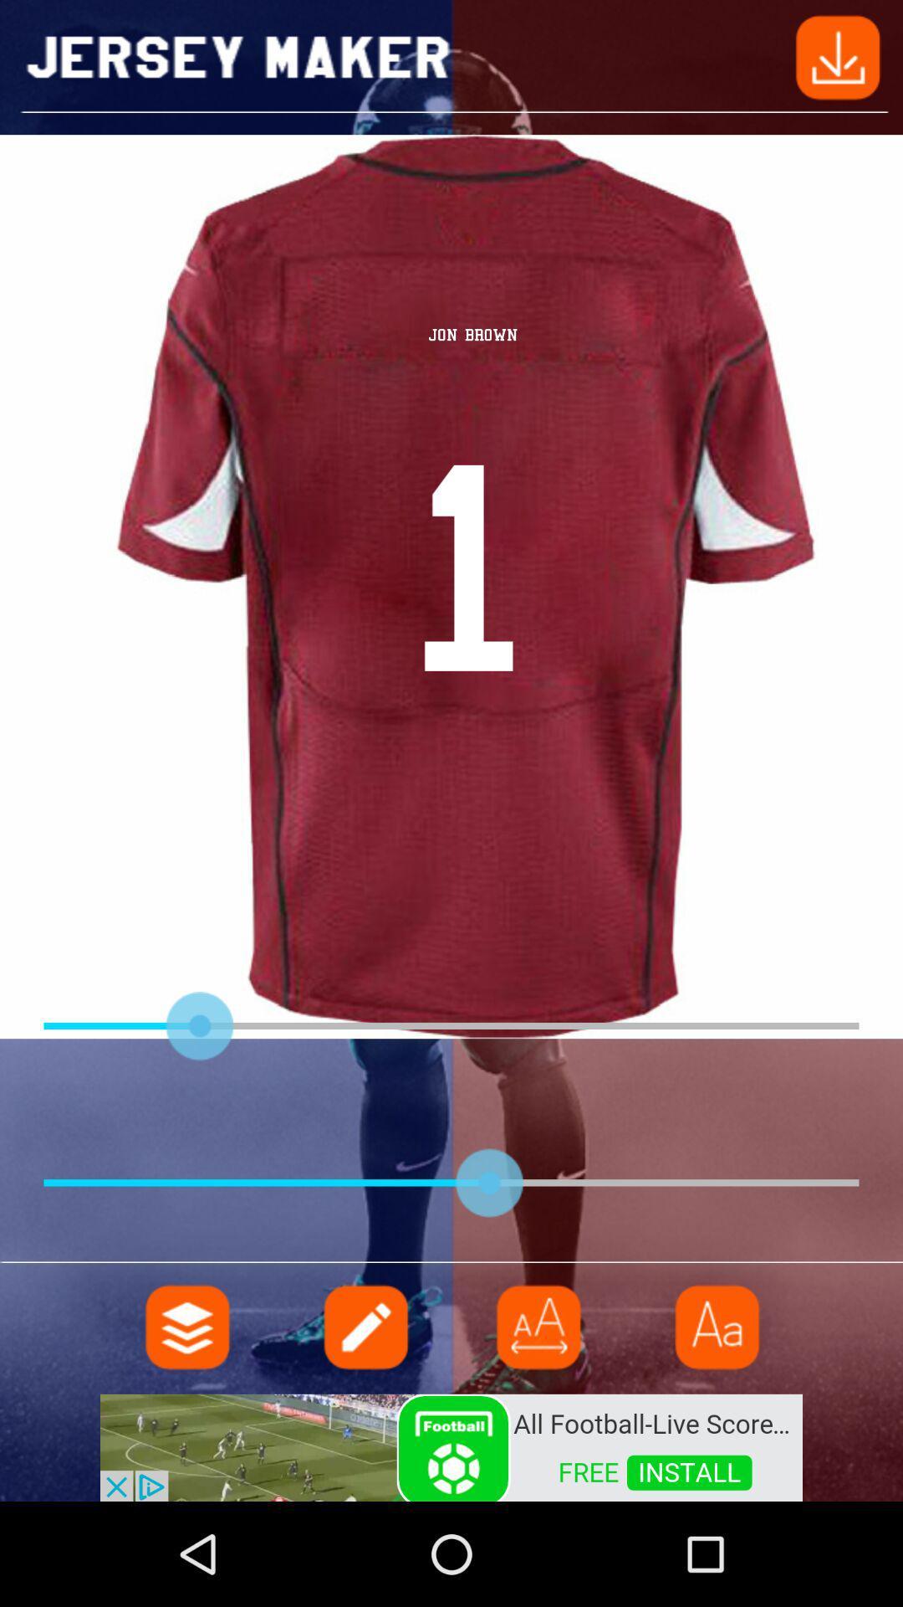  What do you see at coordinates (838, 56) in the screenshot?
I see `download` at bounding box center [838, 56].